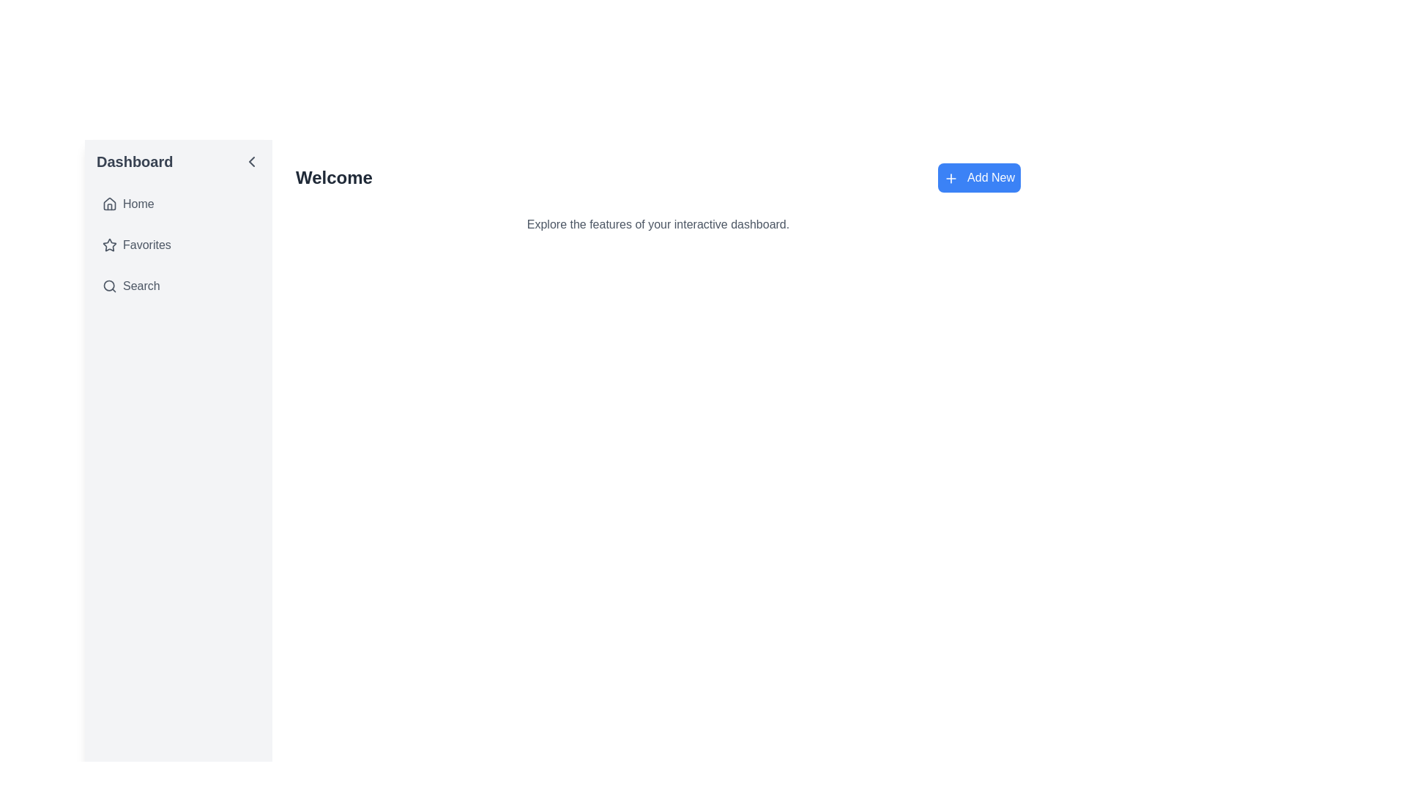 The height and width of the screenshot is (791, 1406). I want to click on the distinct chevron-shaped graphical icon that represents a back navigation action located inside the left navigation panel near the top, slightly to the right of the 'Dashboard' label, so click(252, 161).